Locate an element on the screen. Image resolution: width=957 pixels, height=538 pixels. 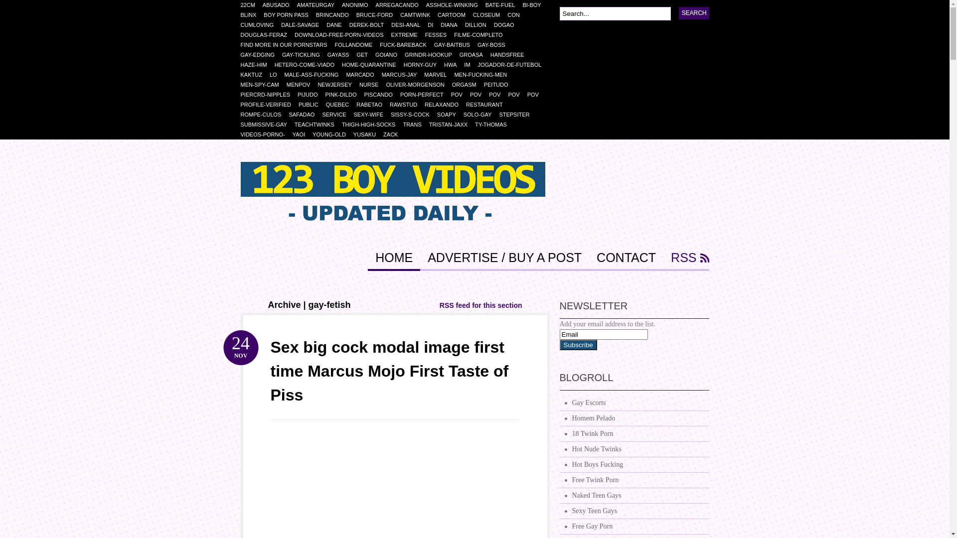
'LO' is located at coordinates (277, 74).